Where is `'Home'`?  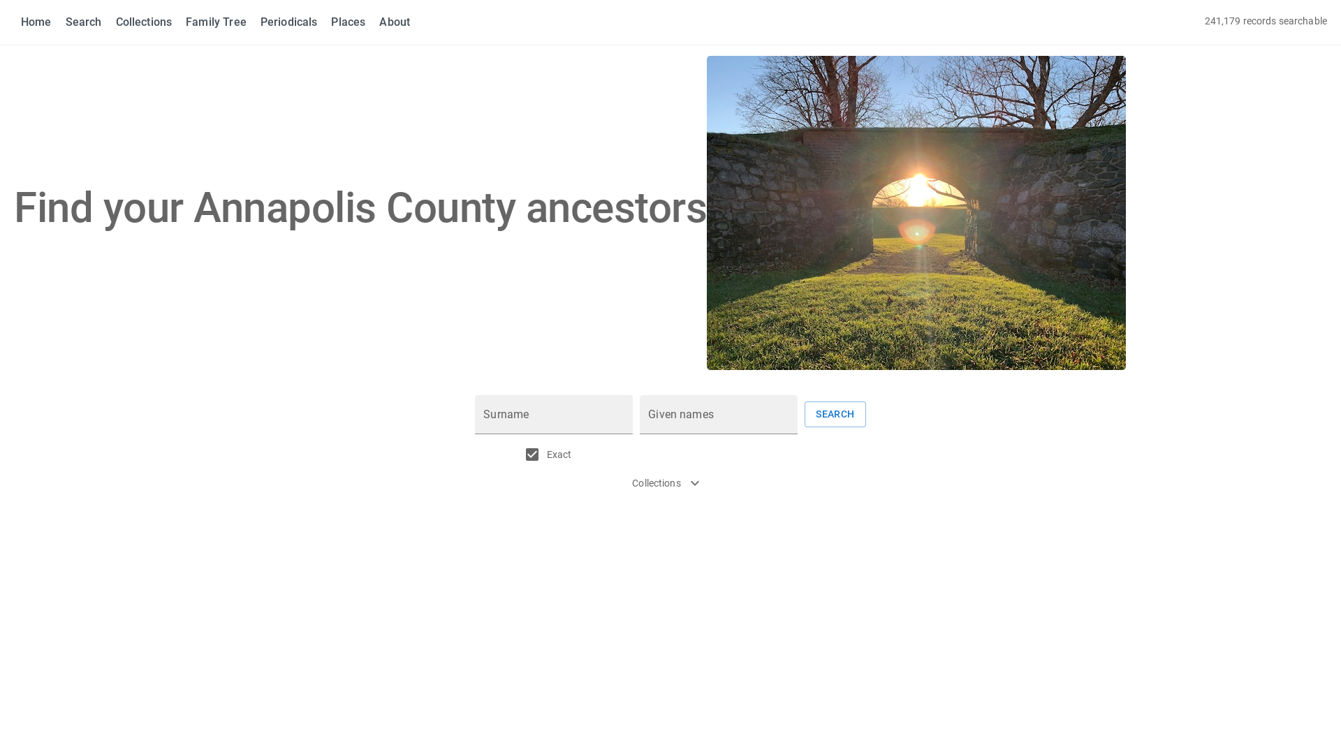 'Home' is located at coordinates (36, 22).